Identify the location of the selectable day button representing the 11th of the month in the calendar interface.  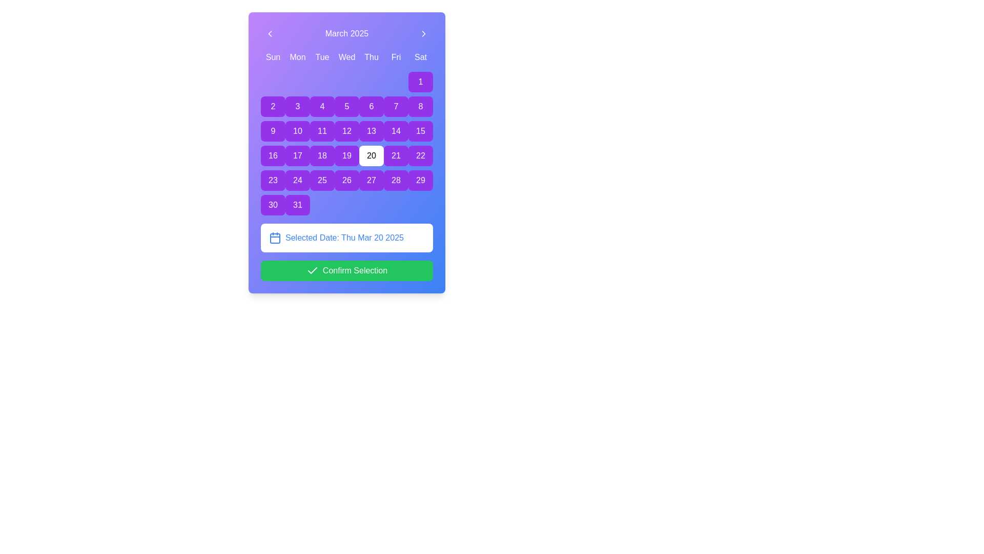
(321, 130).